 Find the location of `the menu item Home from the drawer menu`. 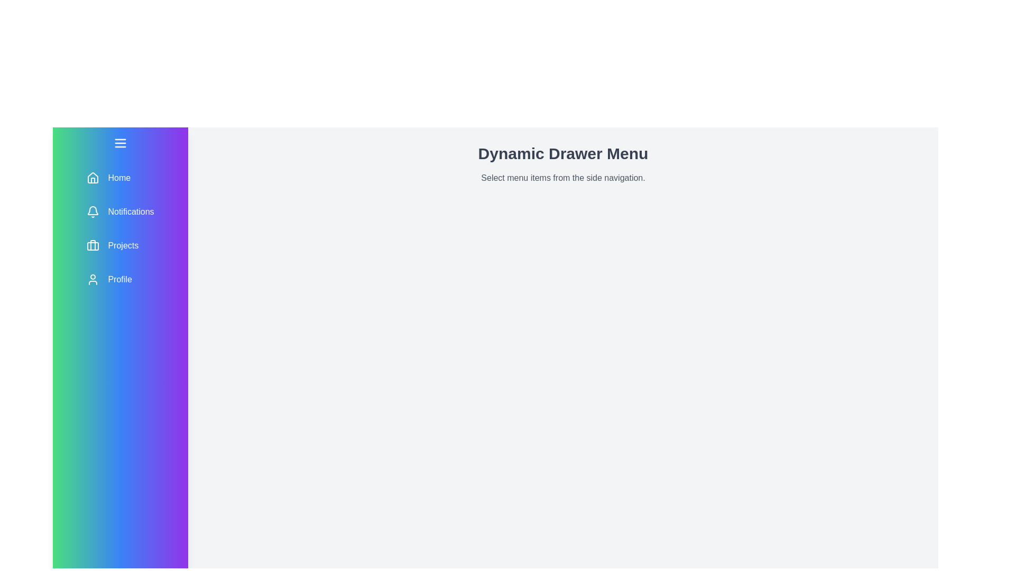

the menu item Home from the drawer menu is located at coordinates (120, 177).